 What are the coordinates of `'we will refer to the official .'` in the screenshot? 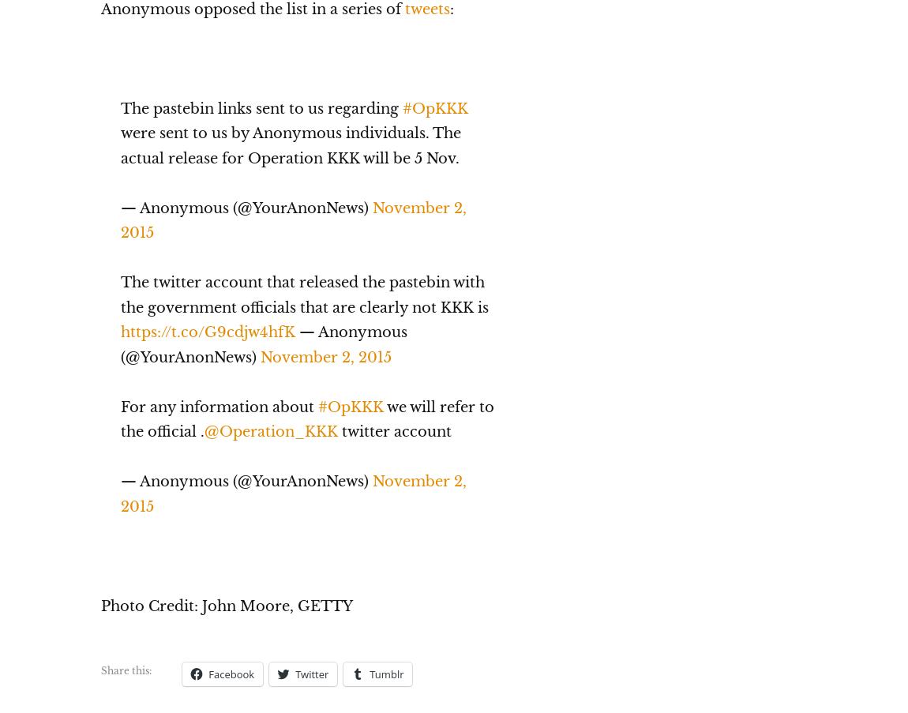 It's located at (306, 418).